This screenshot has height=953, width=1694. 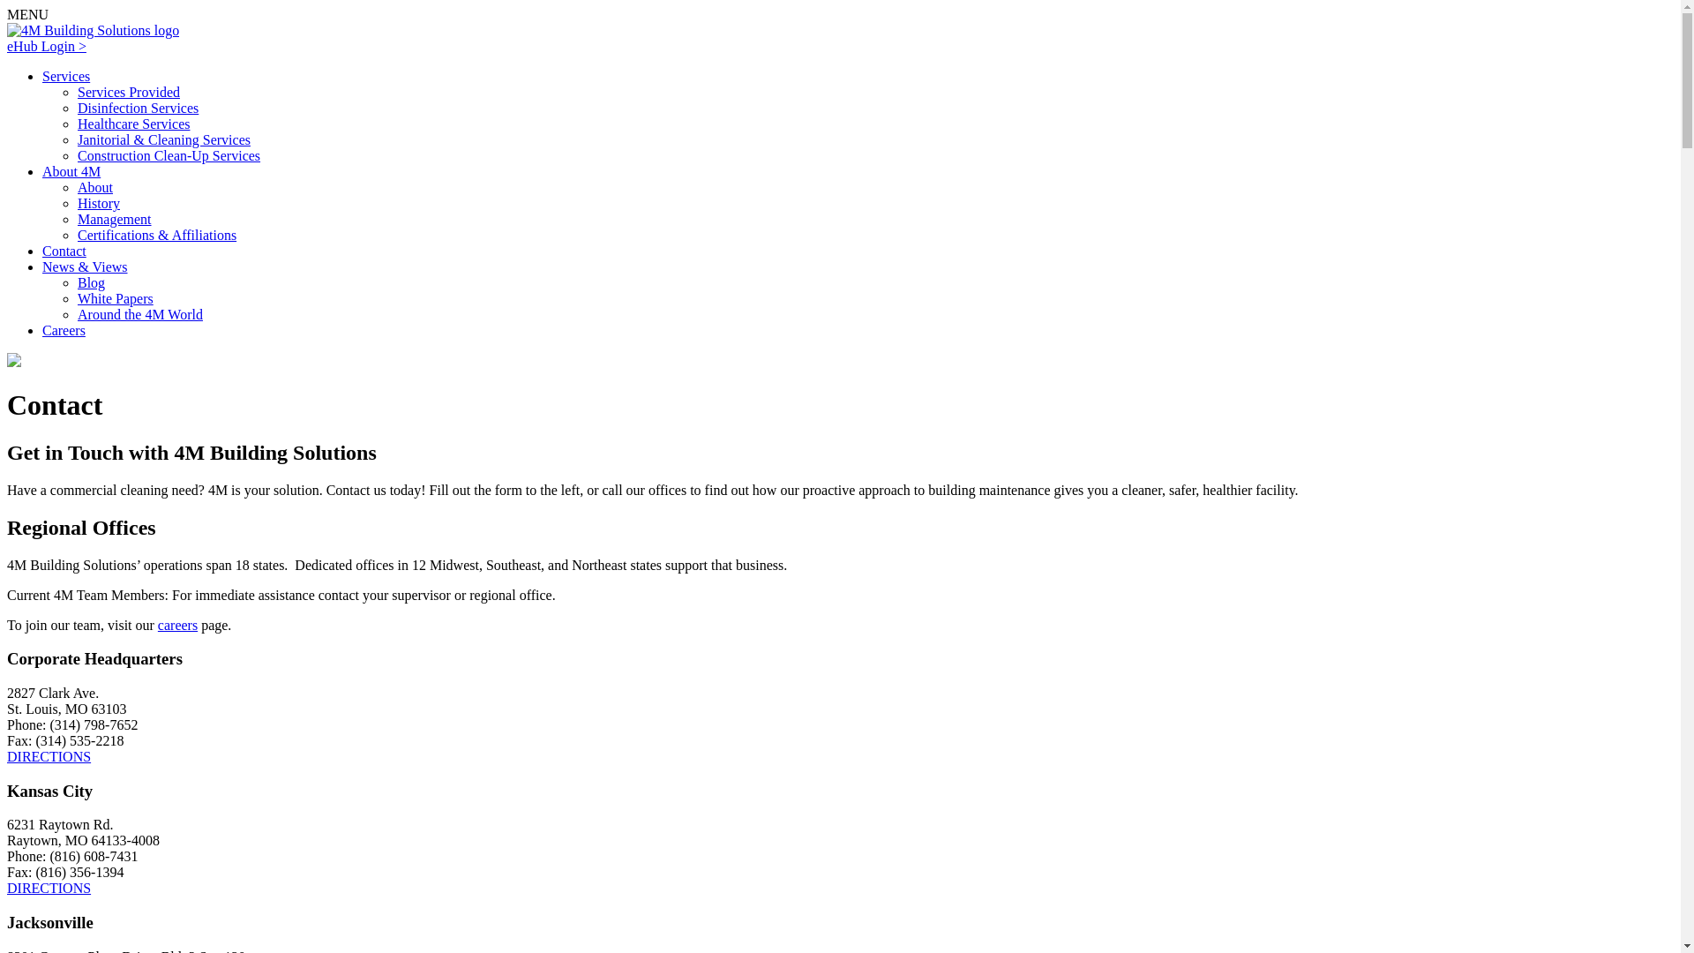 What do you see at coordinates (113, 218) in the screenshot?
I see `'Management'` at bounding box center [113, 218].